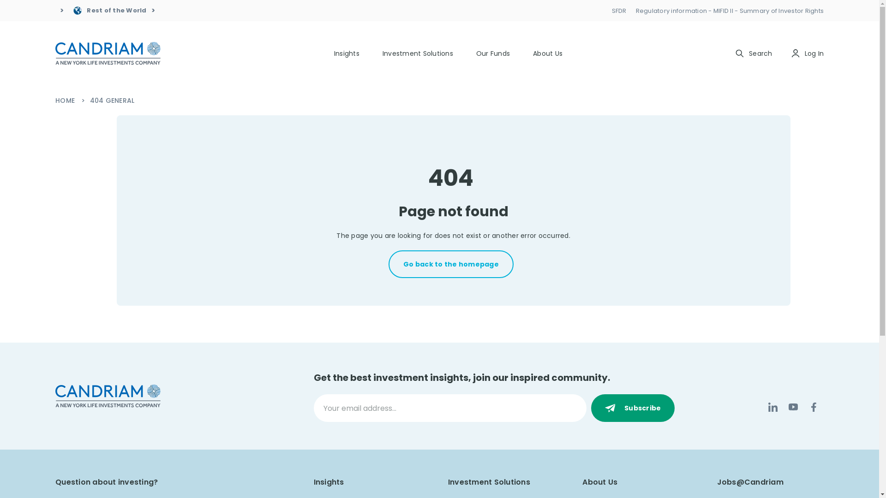  Describe the element at coordinates (807, 53) in the screenshot. I see `'Log In'` at that location.